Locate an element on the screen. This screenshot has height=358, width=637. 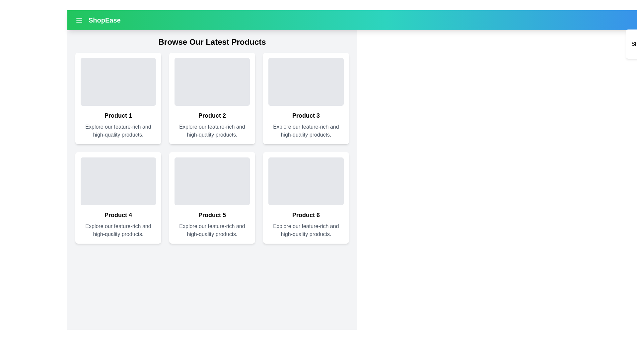
text block displaying the message 'Explore our feature-rich and high-quality products.' which is positioned below the title 'Product 4' in the bottom-center area of the fourth card is located at coordinates (118, 230).